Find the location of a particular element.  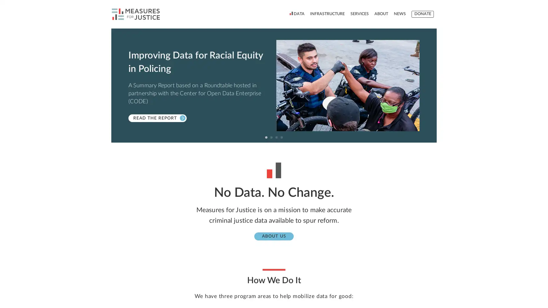

Previous carousel item is located at coordinates (117, 86).